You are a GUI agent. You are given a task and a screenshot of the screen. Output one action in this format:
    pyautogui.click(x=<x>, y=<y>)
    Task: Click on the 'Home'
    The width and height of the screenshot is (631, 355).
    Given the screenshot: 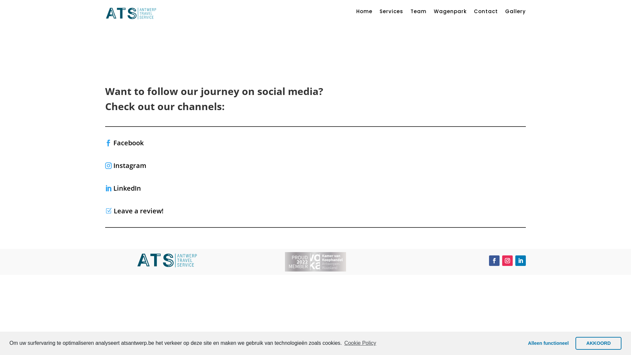 What is the action you would take?
    pyautogui.click(x=364, y=12)
    